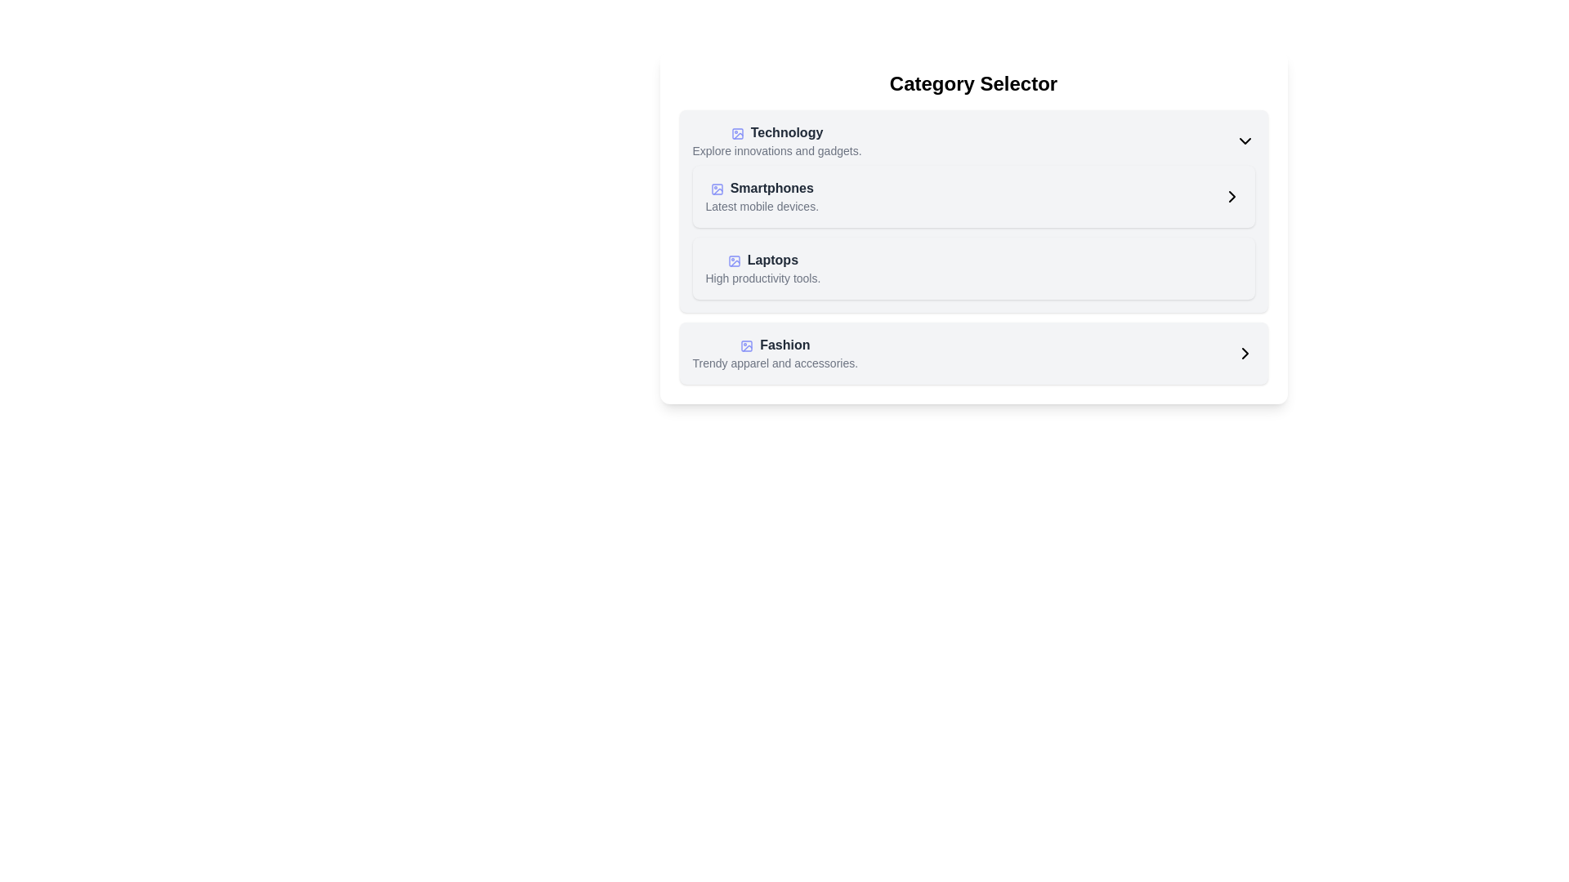 The height and width of the screenshot is (882, 1569). What do you see at coordinates (1244, 140) in the screenshot?
I see `the Dropdown indicator icon located at the rightmost side of the 'Technology' component` at bounding box center [1244, 140].